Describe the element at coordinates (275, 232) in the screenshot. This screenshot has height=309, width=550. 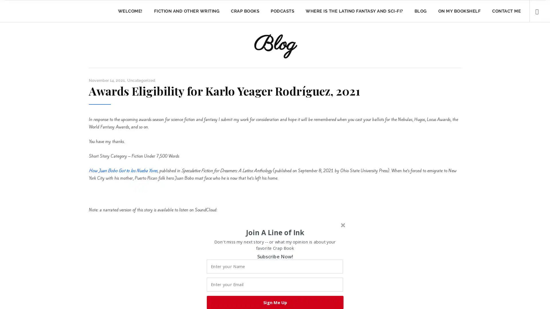
I see `Join A Line of Ink` at that location.